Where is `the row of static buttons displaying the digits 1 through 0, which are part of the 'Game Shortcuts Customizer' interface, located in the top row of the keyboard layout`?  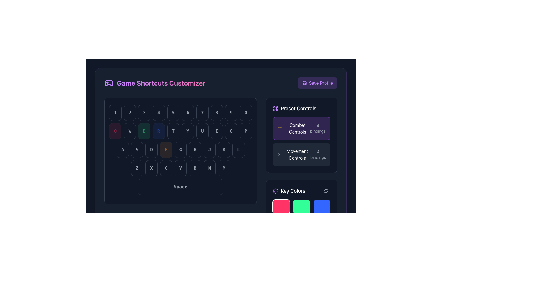 the row of static buttons displaying the digits 1 through 0, which are part of the 'Game Shortcuts Customizer' interface, located in the top row of the keyboard layout is located at coordinates (181, 113).